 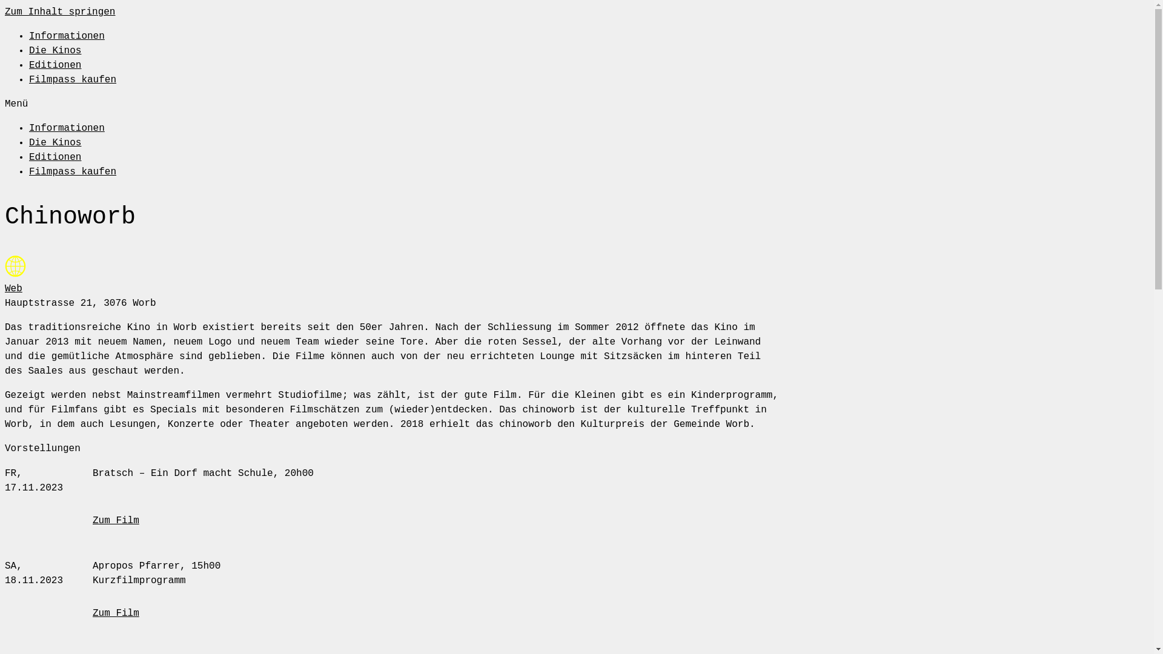 What do you see at coordinates (29, 142) in the screenshot?
I see `'Die Kinos'` at bounding box center [29, 142].